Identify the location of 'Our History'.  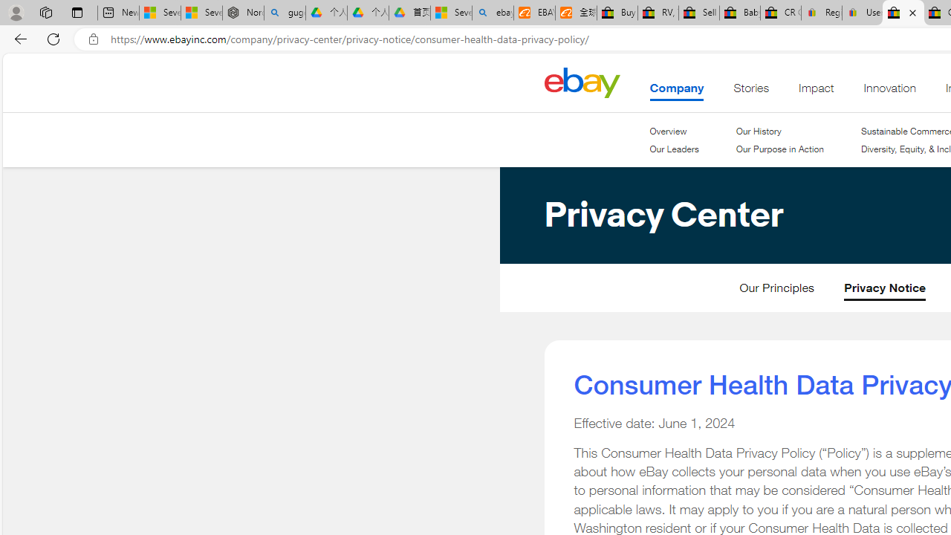
(778, 131).